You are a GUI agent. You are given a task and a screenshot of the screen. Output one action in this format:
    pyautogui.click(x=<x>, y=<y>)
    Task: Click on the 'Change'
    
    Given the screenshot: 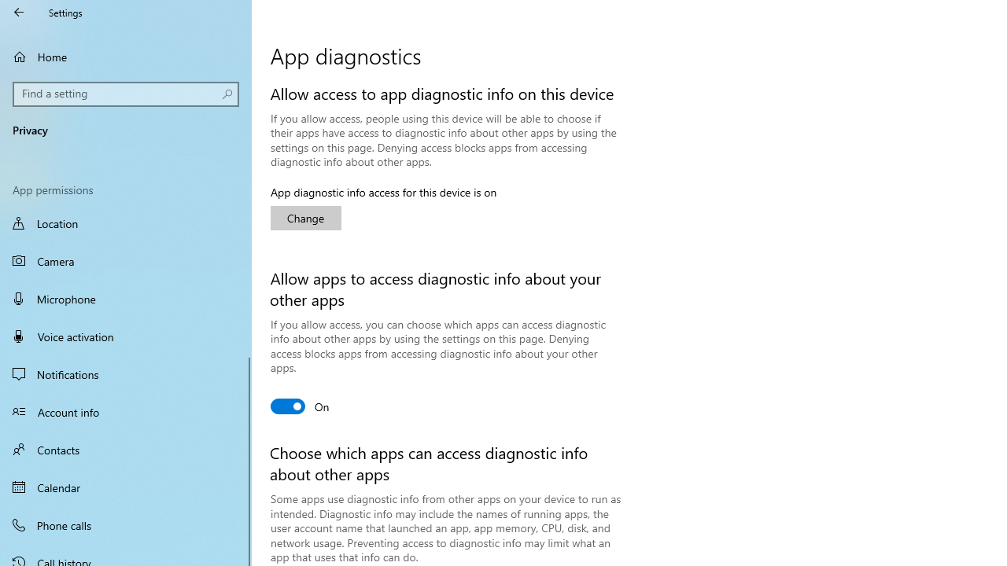 What is the action you would take?
    pyautogui.click(x=306, y=218)
    